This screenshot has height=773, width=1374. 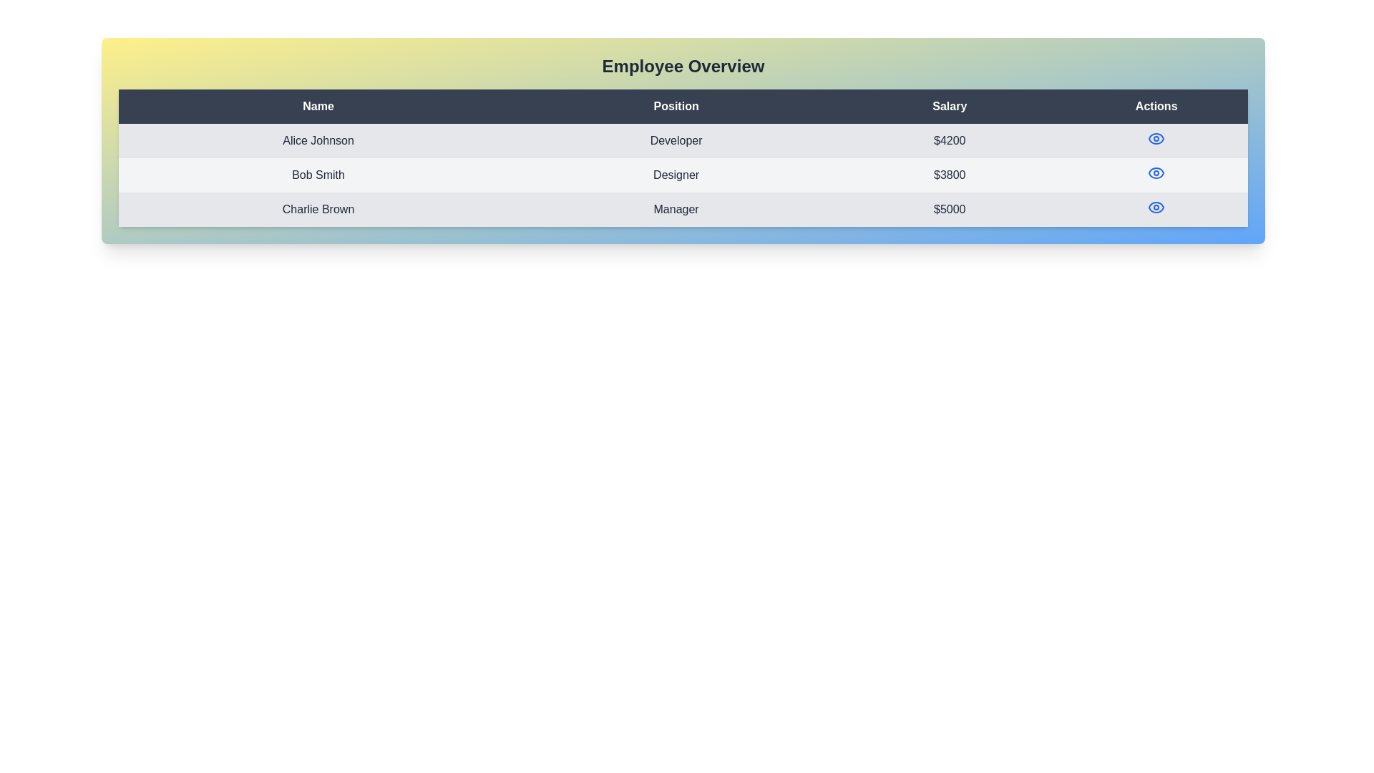 What do you see at coordinates (683, 210) in the screenshot?
I see `the Data Row displaying 'Charlie Brown' as the name, 'Manager' as the position, and '$5000' as the salary, which is located at the third row of the table` at bounding box center [683, 210].